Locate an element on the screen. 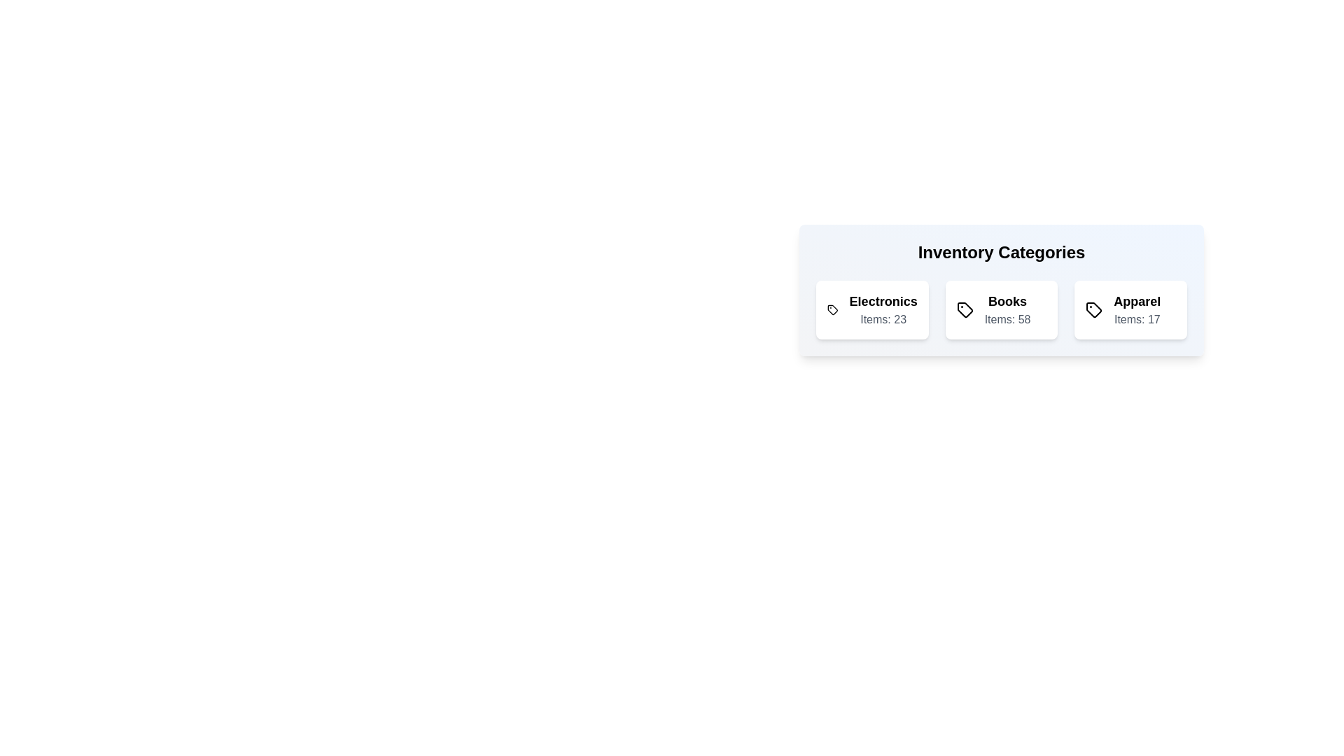 The height and width of the screenshot is (756, 1344). the category card for Electronics is located at coordinates (871, 309).